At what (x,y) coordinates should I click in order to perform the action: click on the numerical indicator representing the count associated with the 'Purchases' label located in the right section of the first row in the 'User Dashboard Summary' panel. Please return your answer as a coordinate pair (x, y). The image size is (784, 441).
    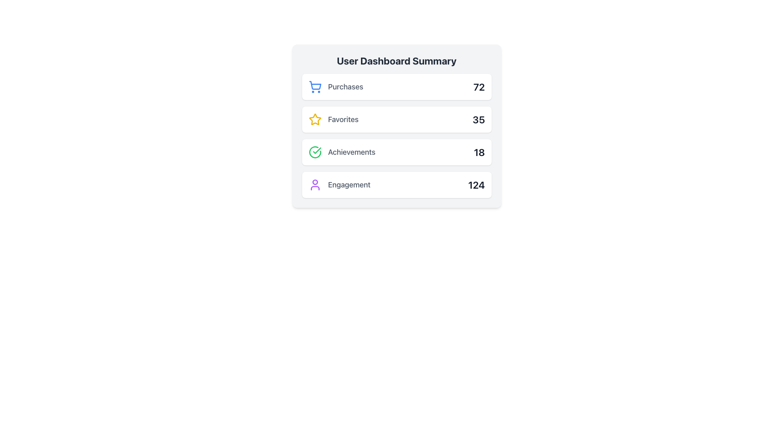
    Looking at the image, I should click on (479, 87).